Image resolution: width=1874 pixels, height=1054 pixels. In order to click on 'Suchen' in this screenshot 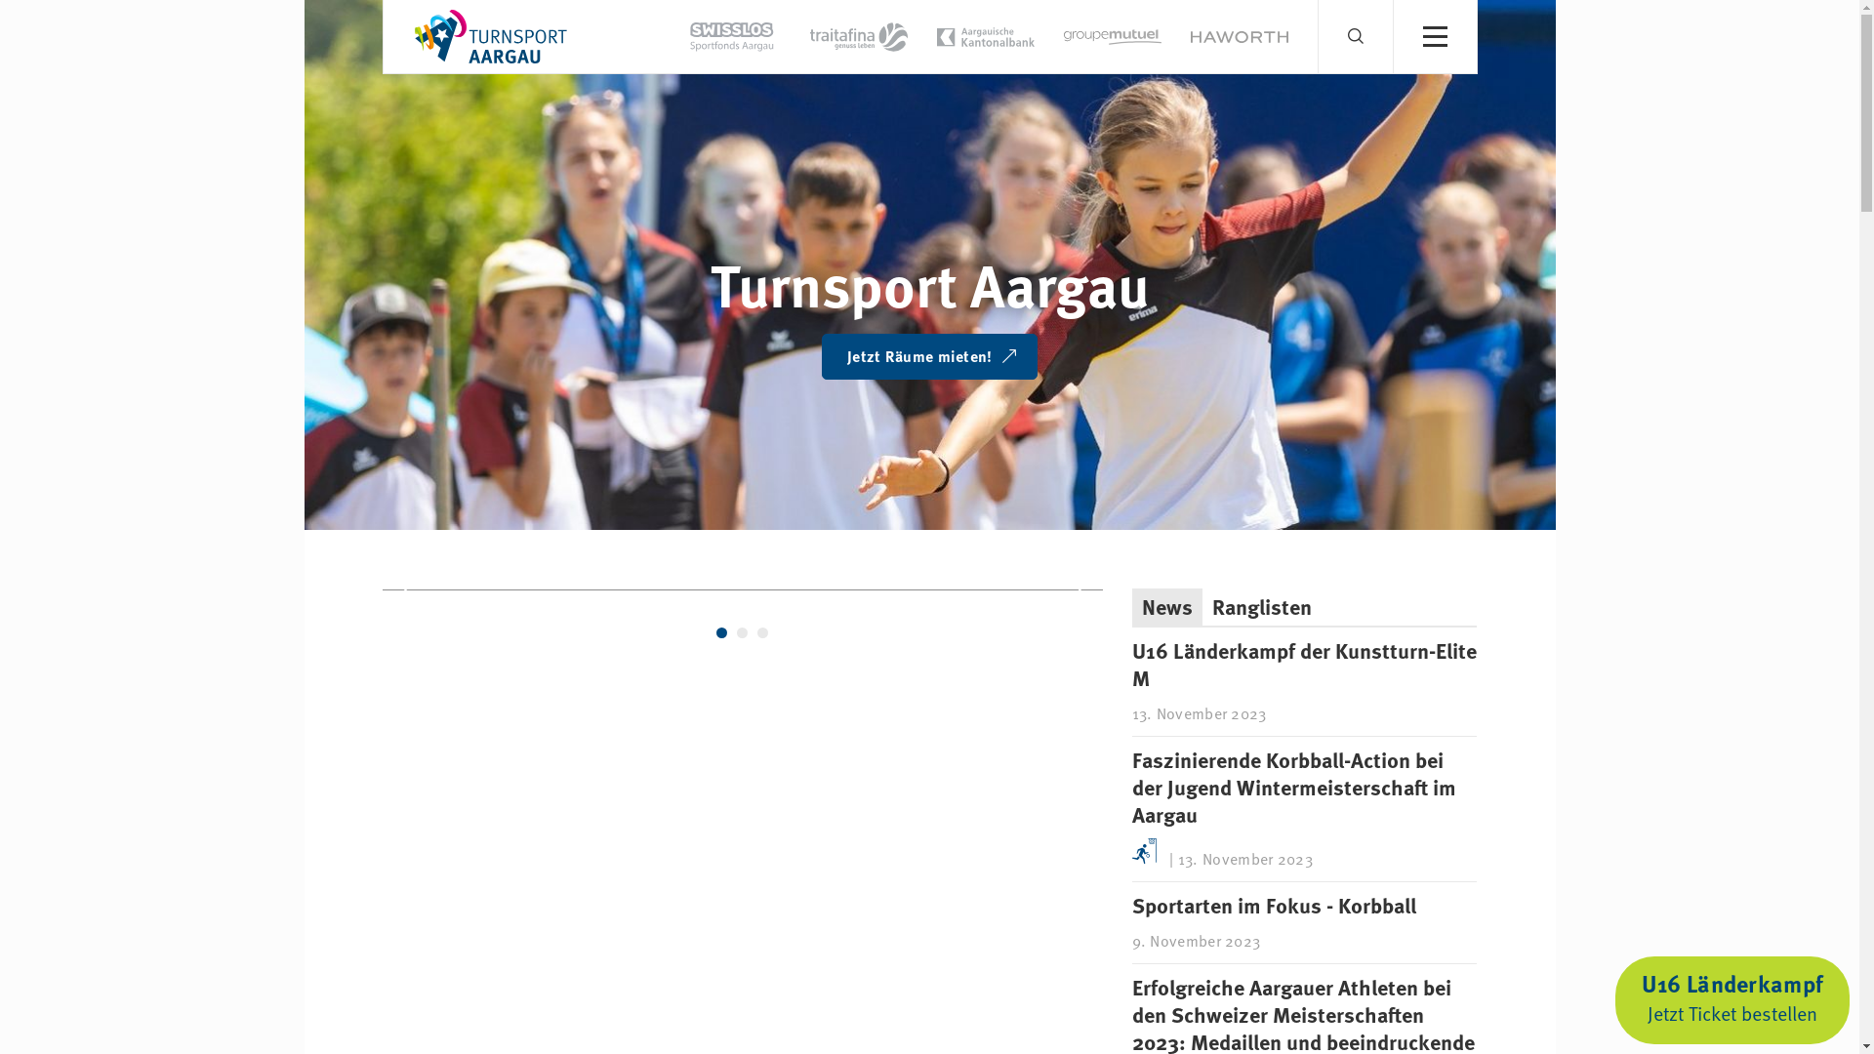, I will do `click(1391, 45)`.